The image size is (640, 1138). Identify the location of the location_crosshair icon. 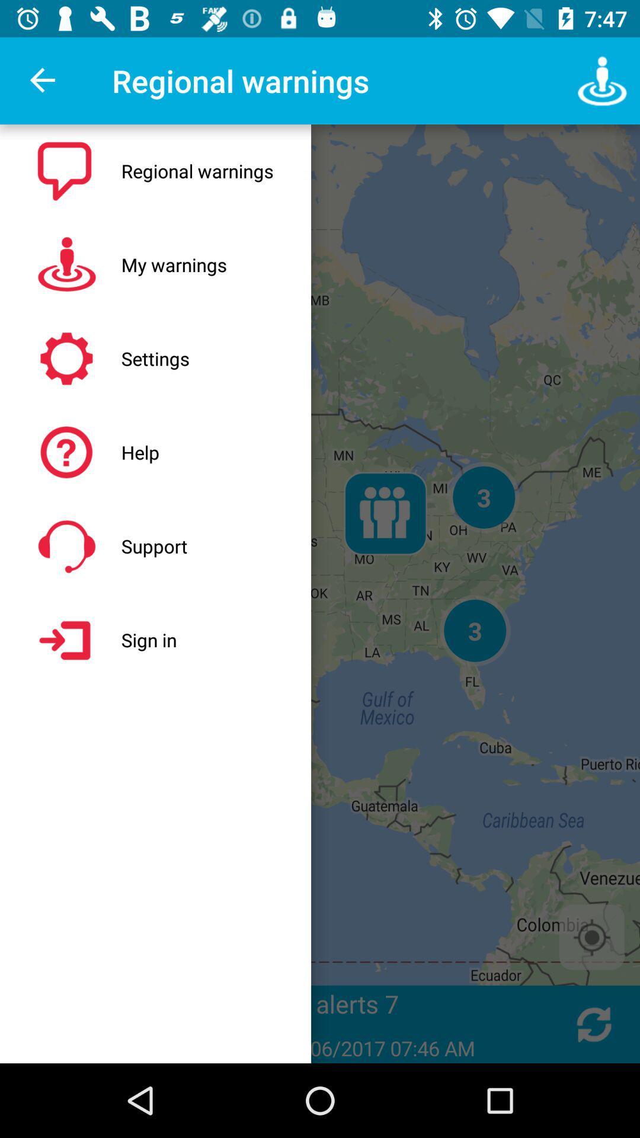
(591, 936).